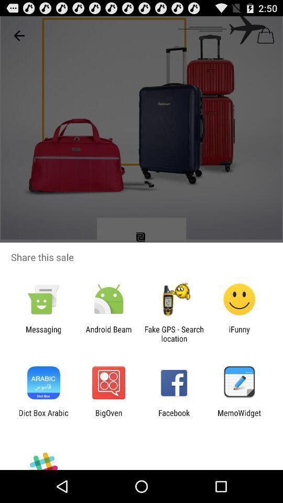 Image resolution: width=283 pixels, height=503 pixels. What do you see at coordinates (43, 417) in the screenshot?
I see `the dict box arabic item` at bounding box center [43, 417].